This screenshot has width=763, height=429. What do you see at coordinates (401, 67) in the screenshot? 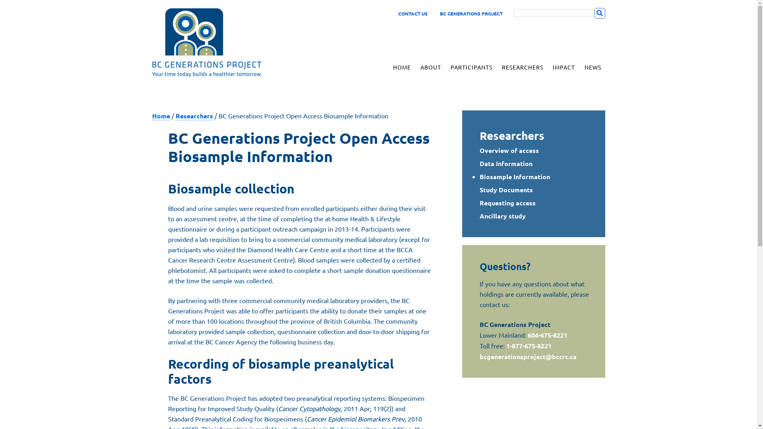
I see `'HOME'` at bounding box center [401, 67].